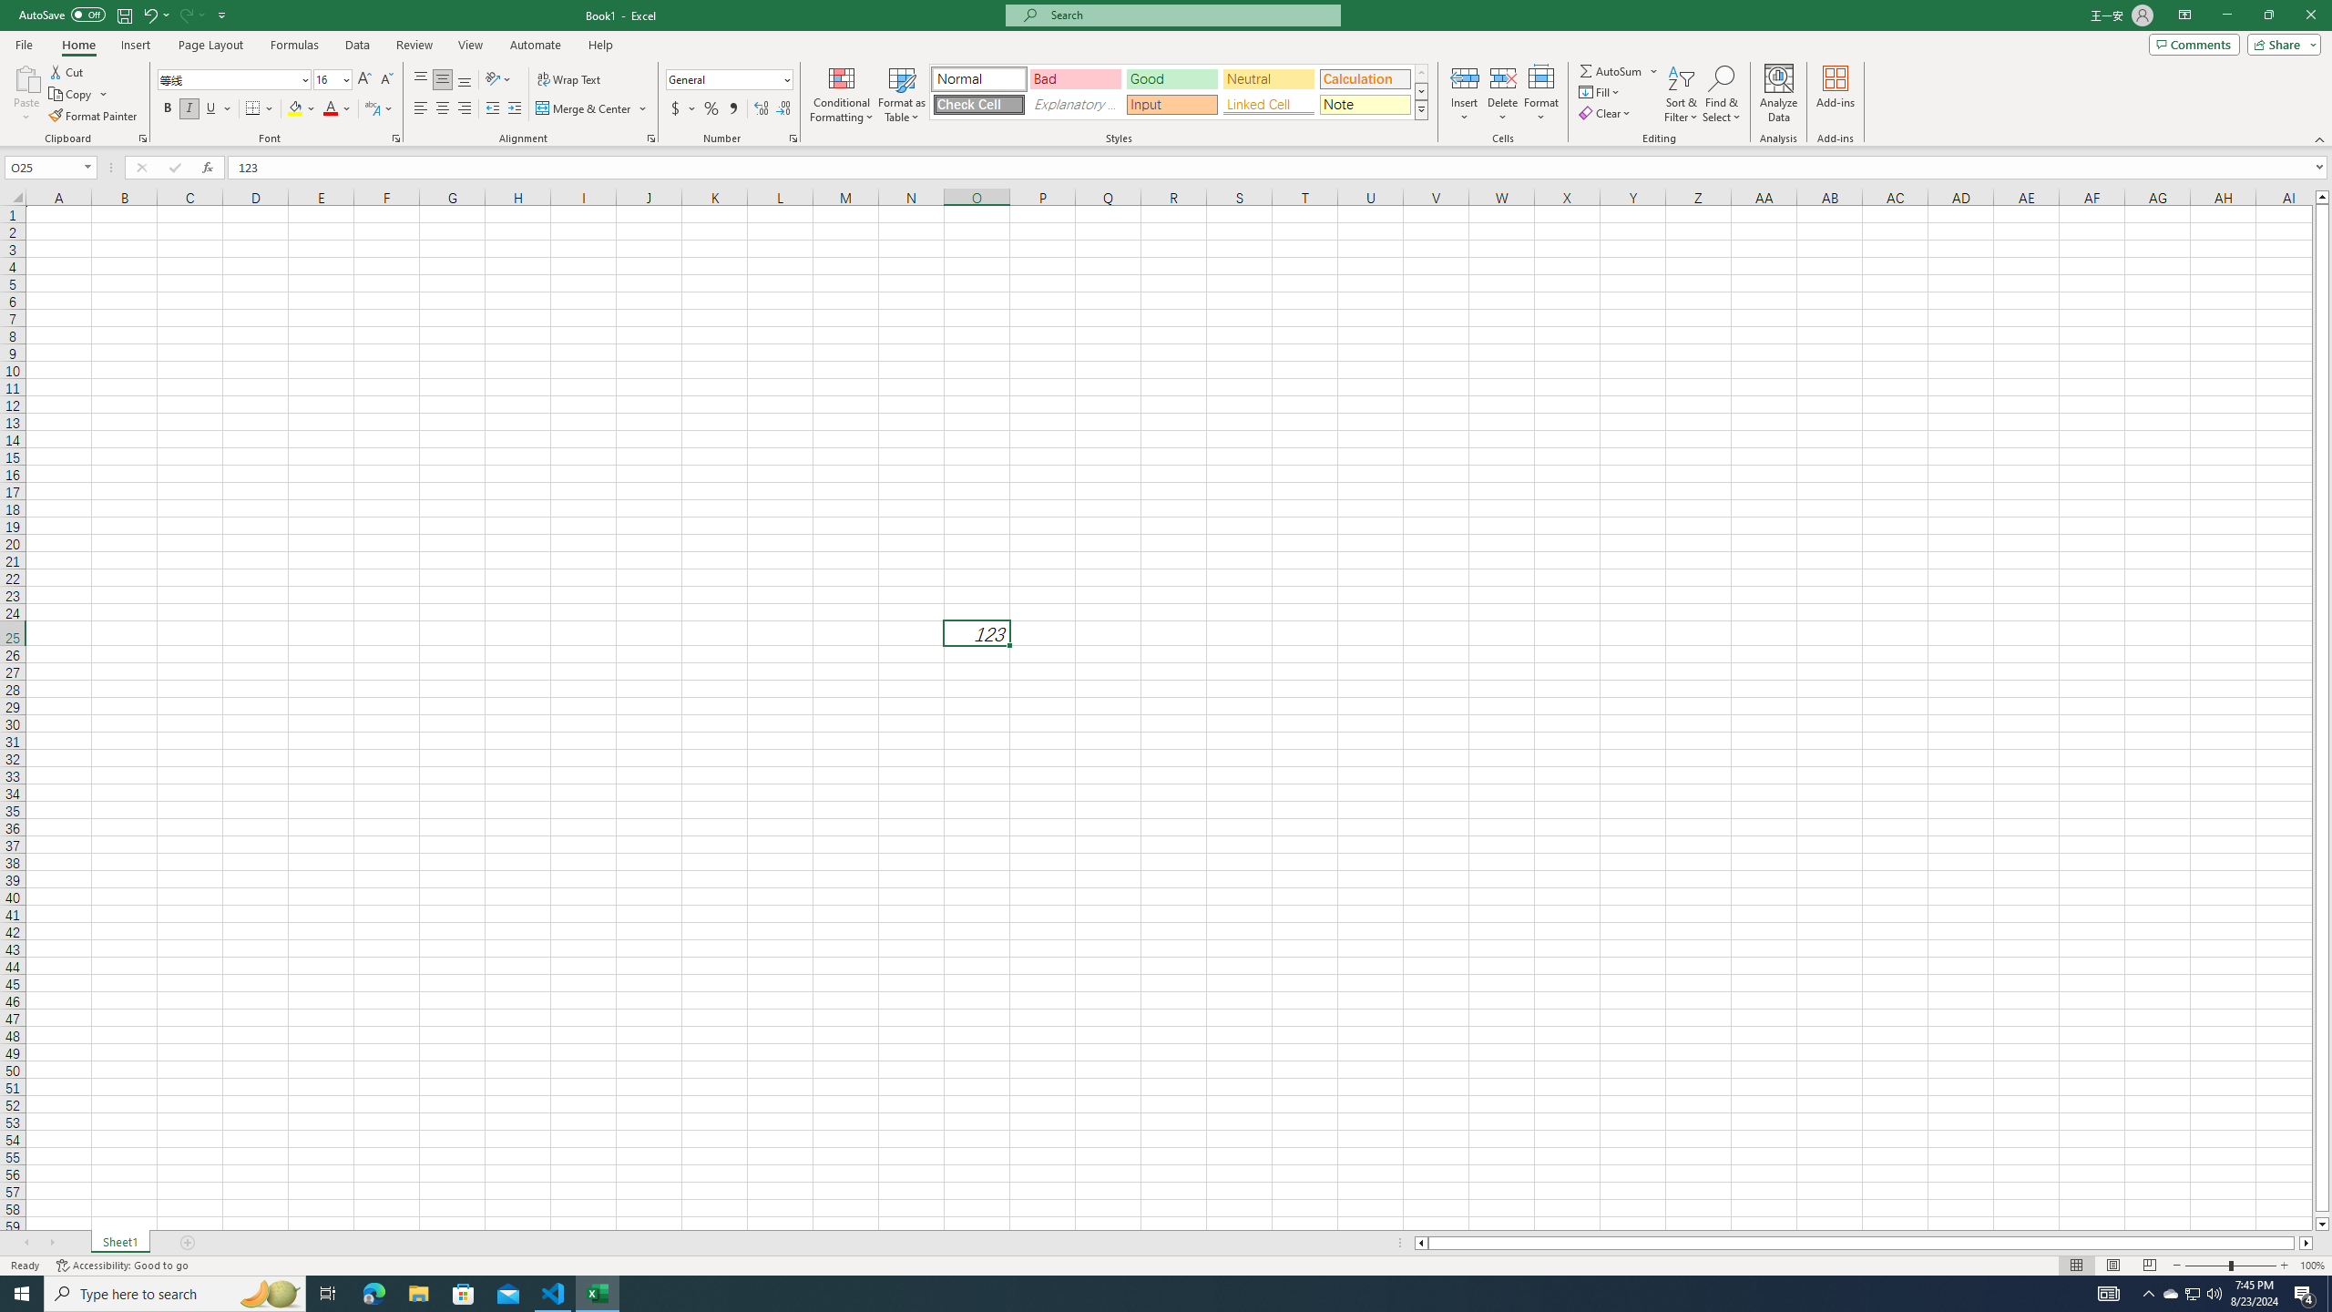  I want to click on 'Show Phonetic Field', so click(371, 108).